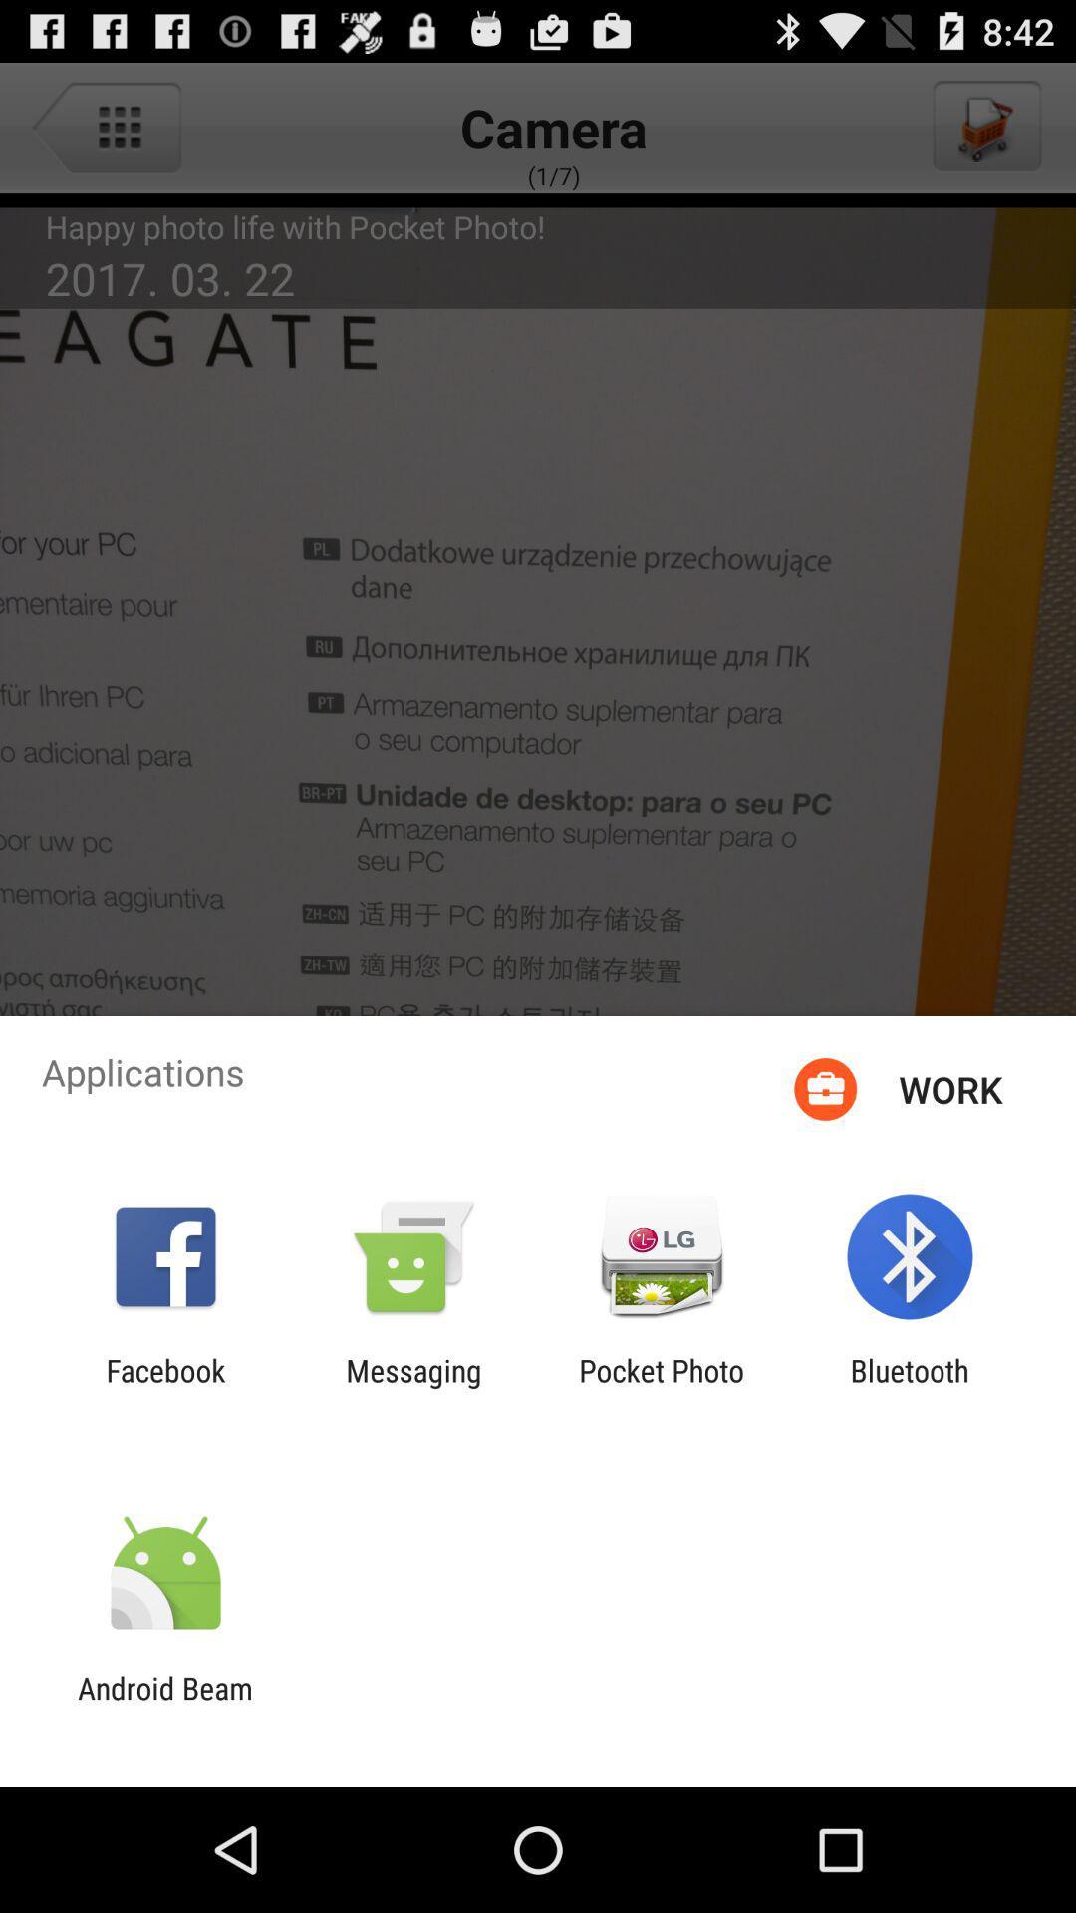 The width and height of the screenshot is (1076, 1913). Describe the element at coordinates (164, 1387) in the screenshot. I see `facebook icon` at that location.